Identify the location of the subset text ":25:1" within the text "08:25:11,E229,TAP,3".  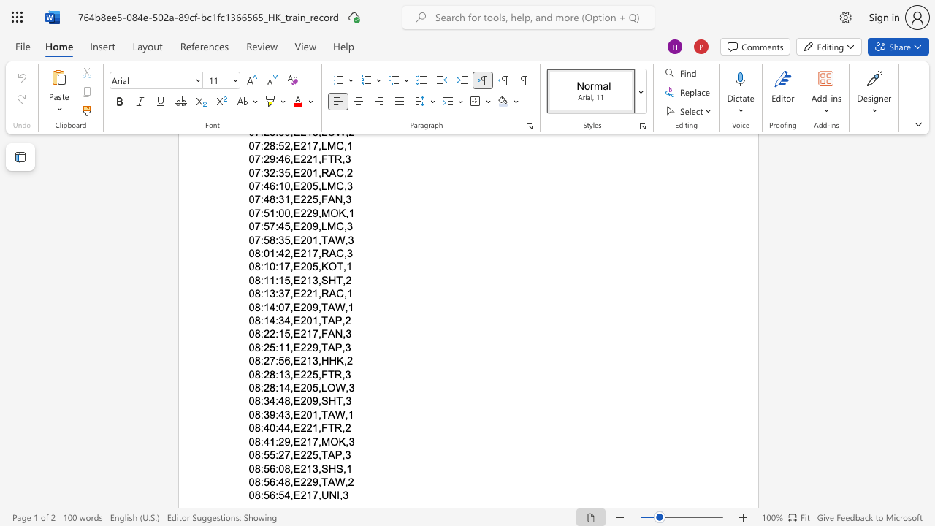
(260, 347).